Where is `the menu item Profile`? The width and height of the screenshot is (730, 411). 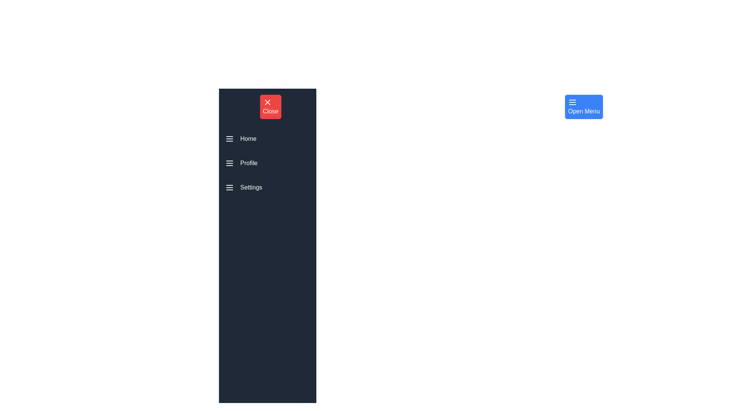
the menu item Profile is located at coordinates (268, 162).